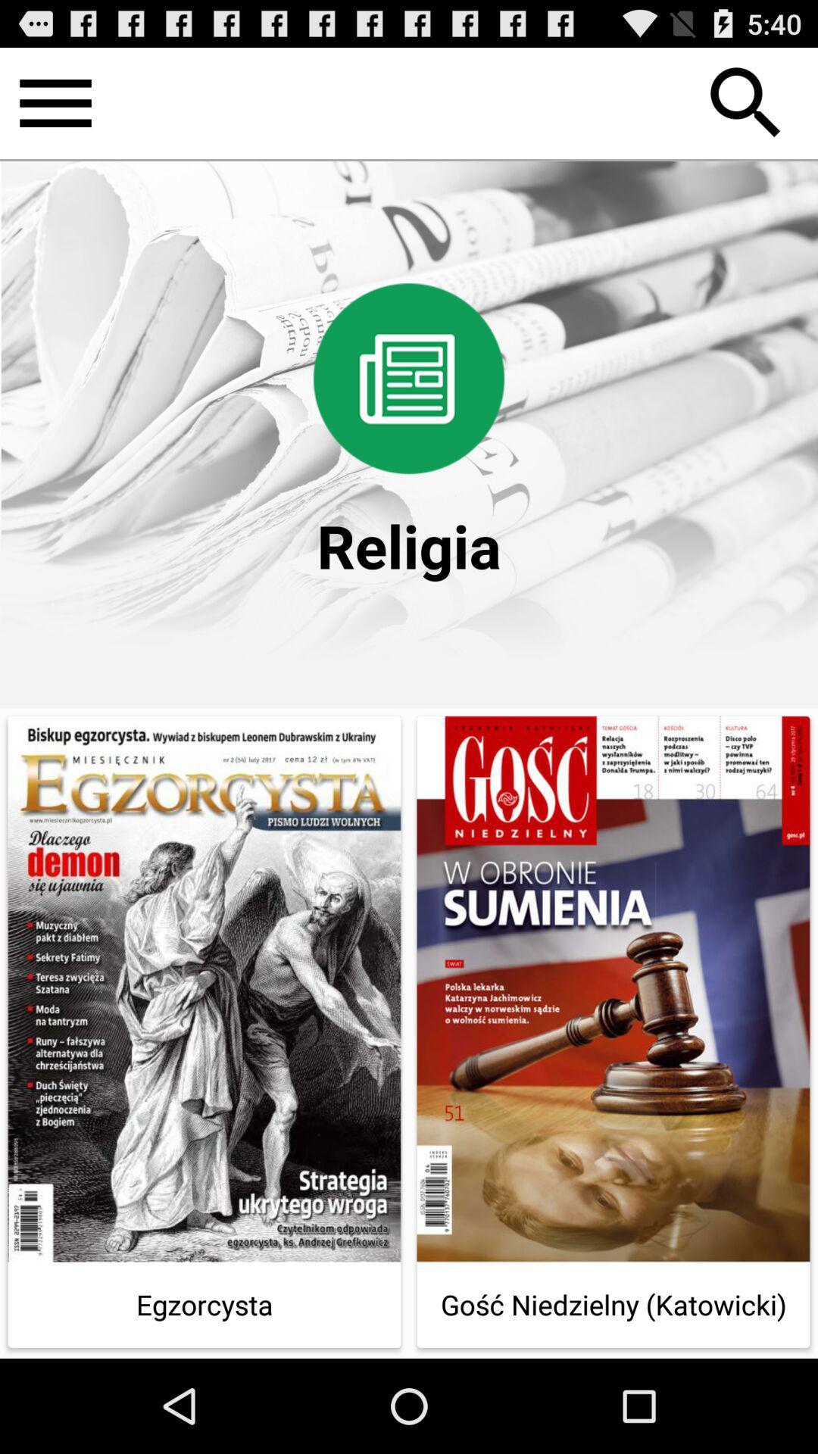 The height and width of the screenshot is (1454, 818). What do you see at coordinates (55, 102) in the screenshot?
I see `go somewhere else in the app` at bounding box center [55, 102].